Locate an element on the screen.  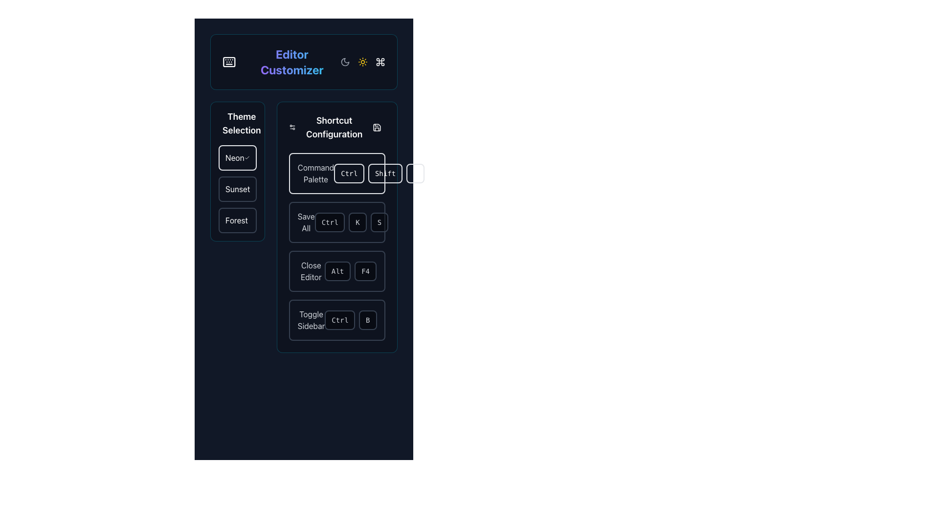
the 'Ctrl' button, which is a rectangular button with a dark background and light-gray monospace text, to simulate pressing 'Ctrl' is located at coordinates (337, 222).